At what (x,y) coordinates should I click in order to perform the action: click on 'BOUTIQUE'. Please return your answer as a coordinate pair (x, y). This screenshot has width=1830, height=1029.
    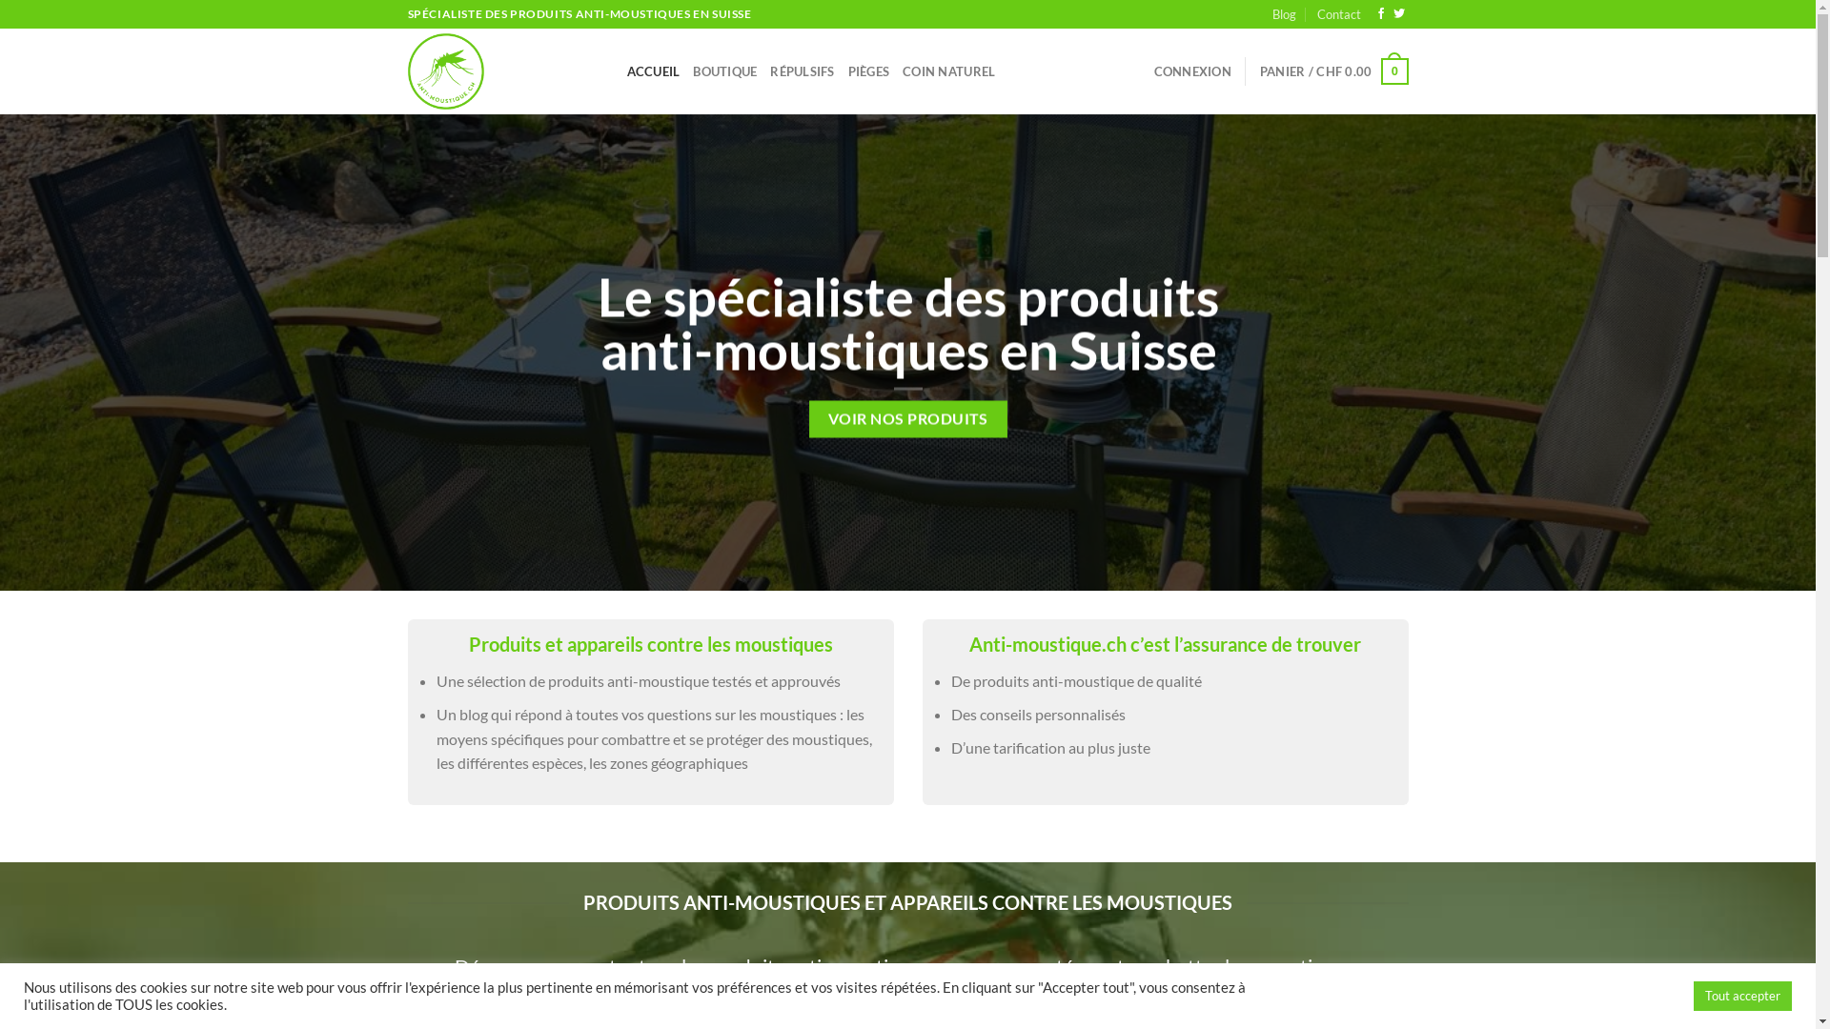
    Looking at the image, I should click on (723, 70).